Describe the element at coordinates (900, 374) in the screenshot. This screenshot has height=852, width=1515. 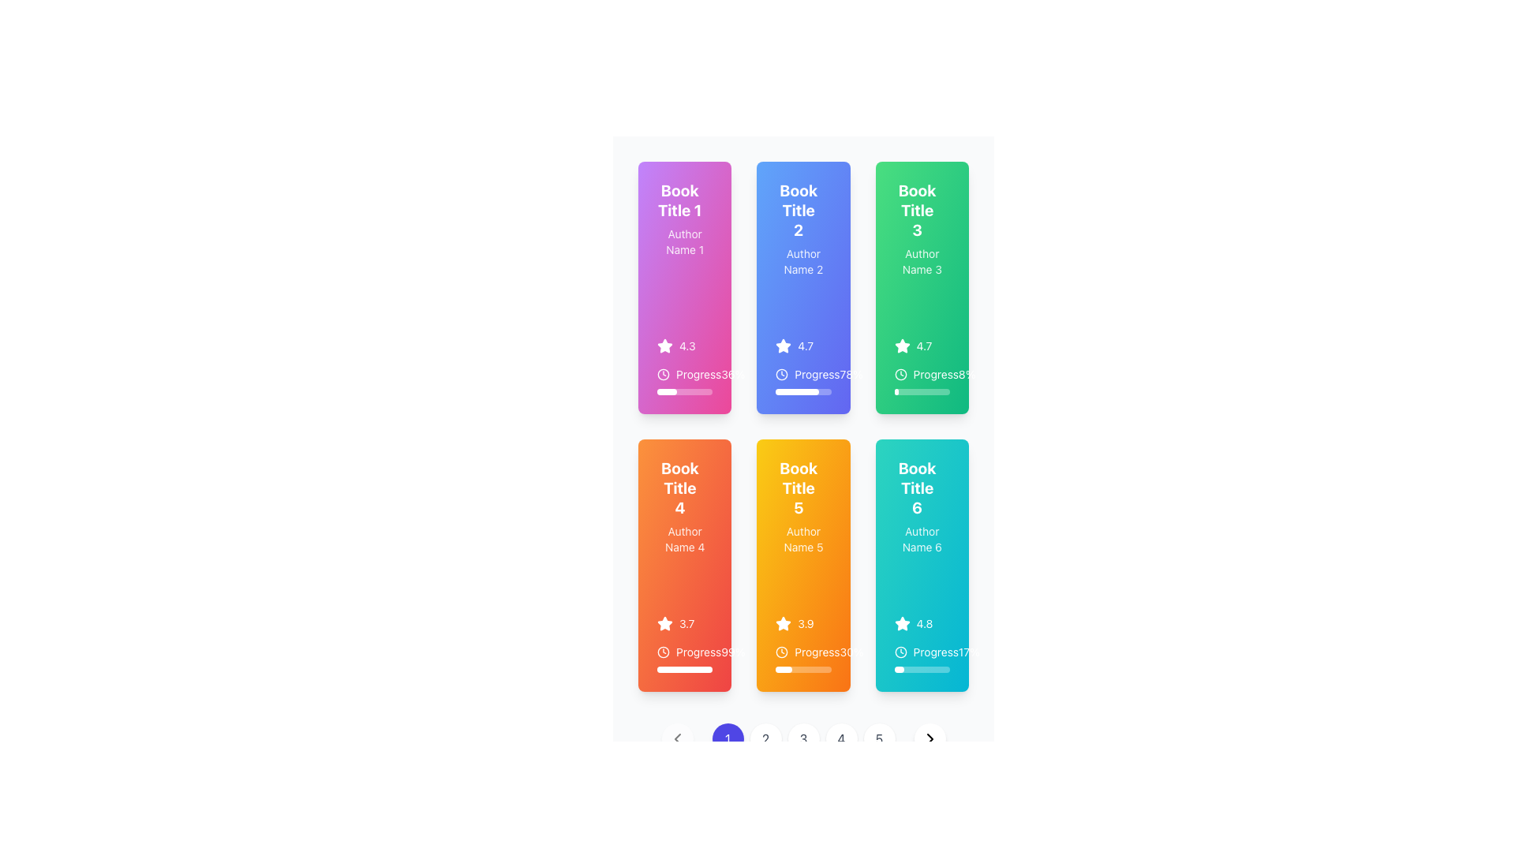
I see `the Circular SVG element representing the clock's main boundary within the clock icon, located underneath the 'Book Title 3' card` at that location.